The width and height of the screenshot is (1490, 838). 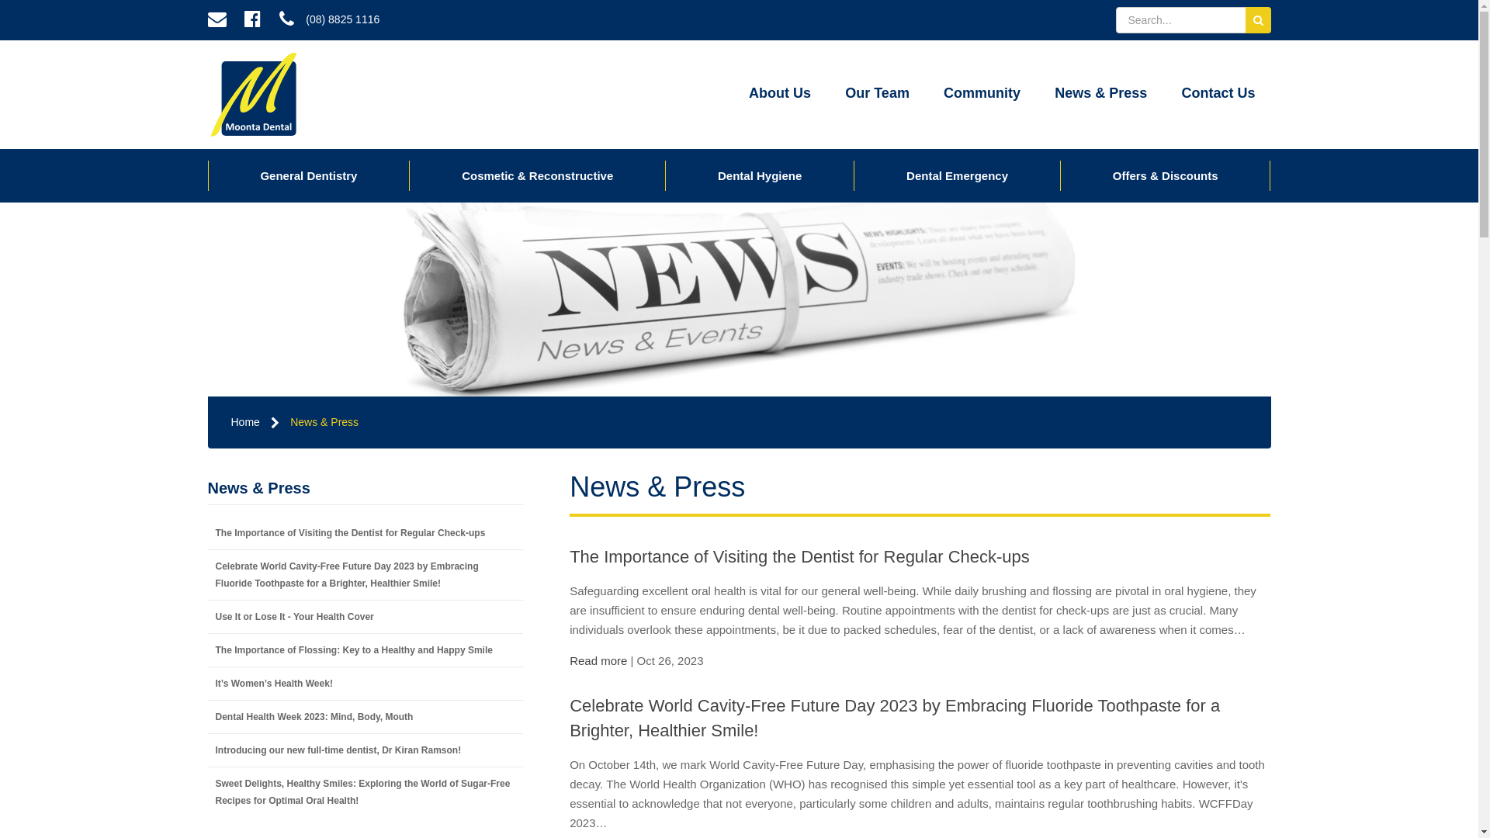 What do you see at coordinates (252, 20) in the screenshot?
I see `'Check out our Facebook page'` at bounding box center [252, 20].